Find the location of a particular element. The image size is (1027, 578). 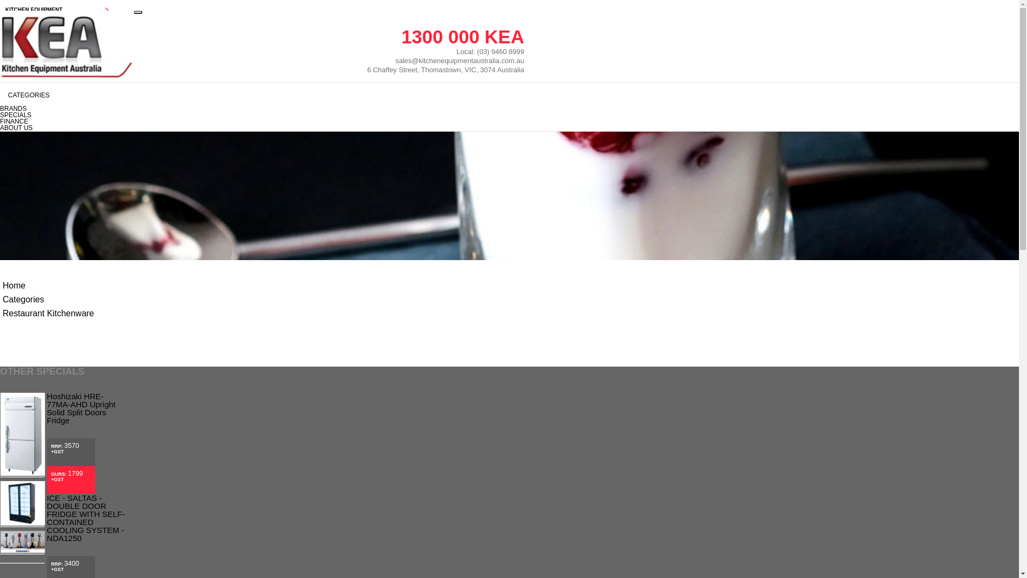

'ABOUT US' is located at coordinates (58, 468).